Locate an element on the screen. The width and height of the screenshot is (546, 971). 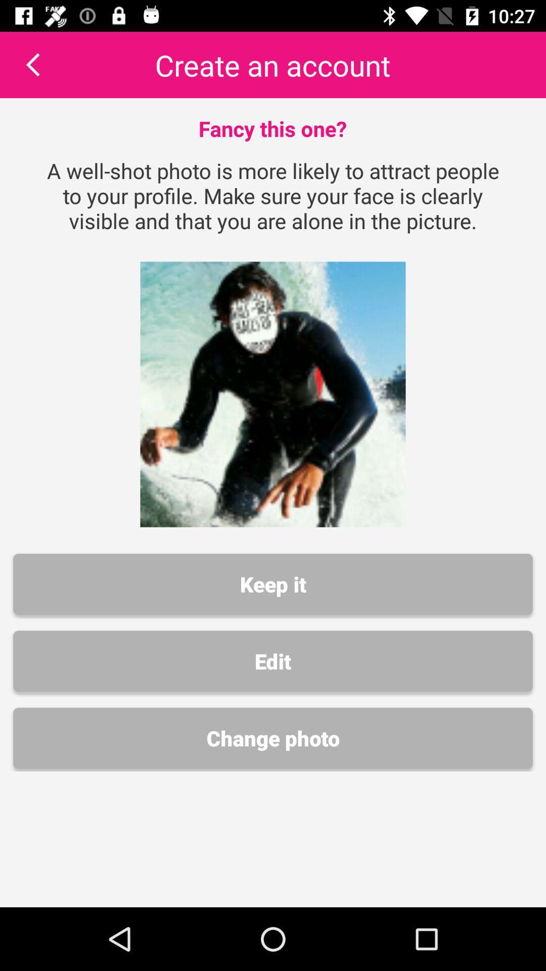
the edit is located at coordinates (273, 661).